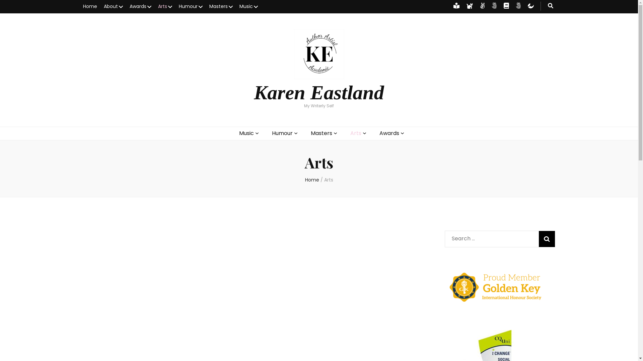  What do you see at coordinates (329, 179) in the screenshot?
I see `'Arts'` at bounding box center [329, 179].